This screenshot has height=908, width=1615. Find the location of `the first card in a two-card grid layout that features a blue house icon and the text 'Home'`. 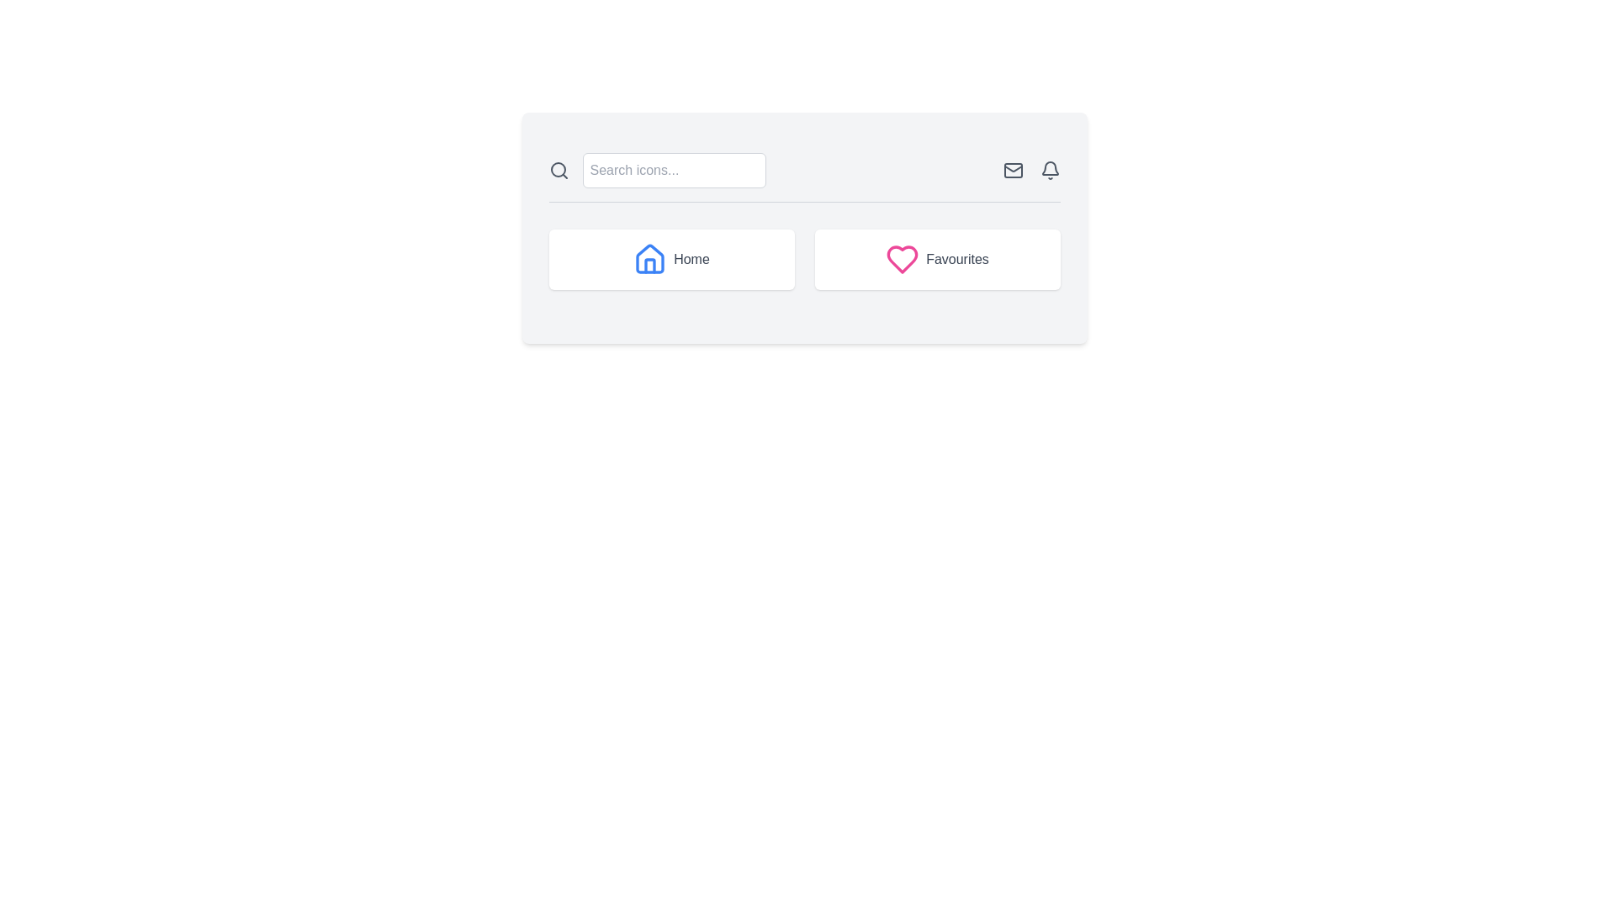

the first card in a two-card grid layout that features a blue house icon and the text 'Home' is located at coordinates (670, 259).